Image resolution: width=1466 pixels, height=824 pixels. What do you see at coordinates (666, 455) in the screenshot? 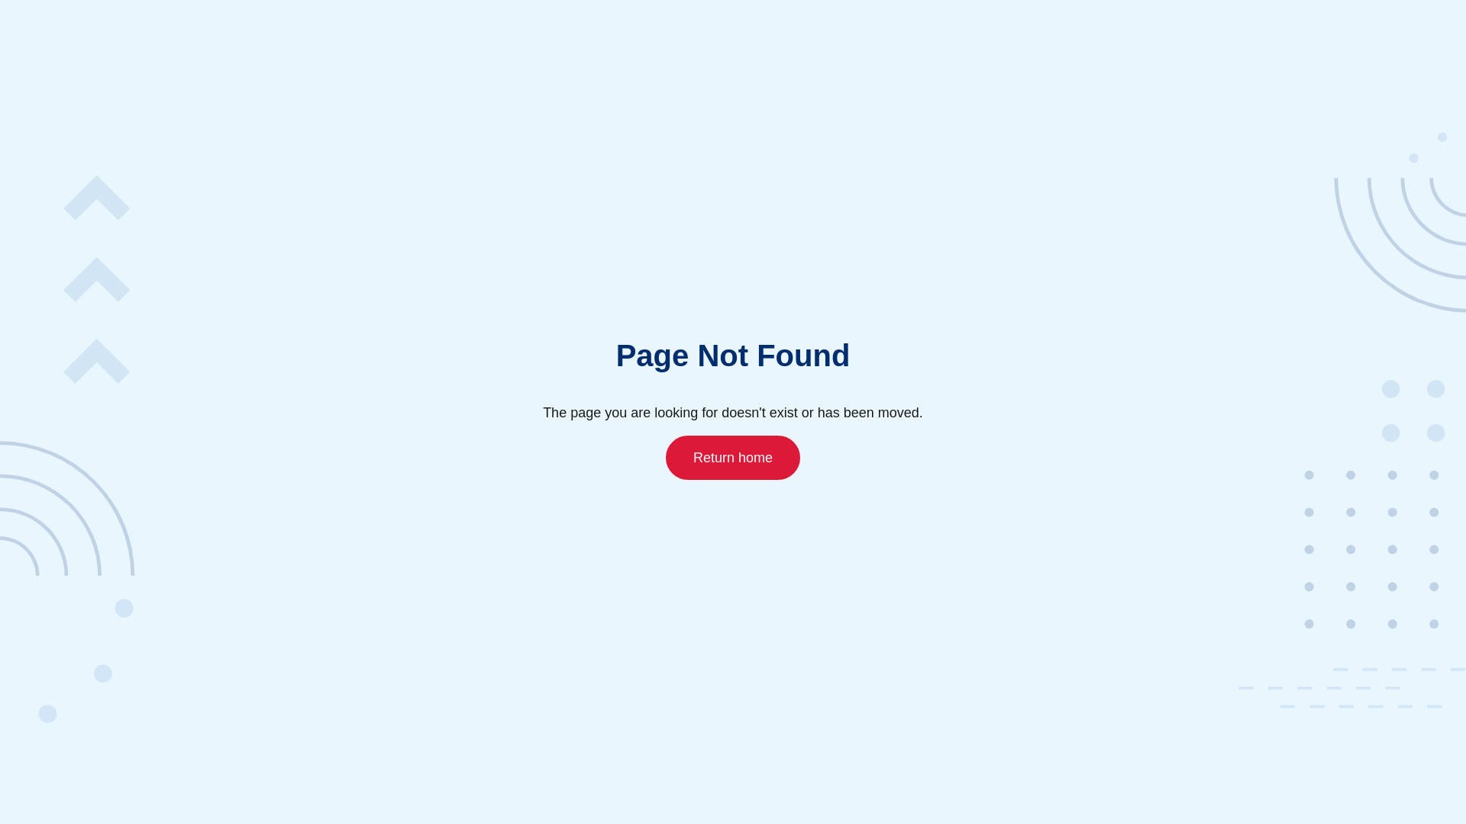
I see `'Return home'` at bounding box center [666, 455].